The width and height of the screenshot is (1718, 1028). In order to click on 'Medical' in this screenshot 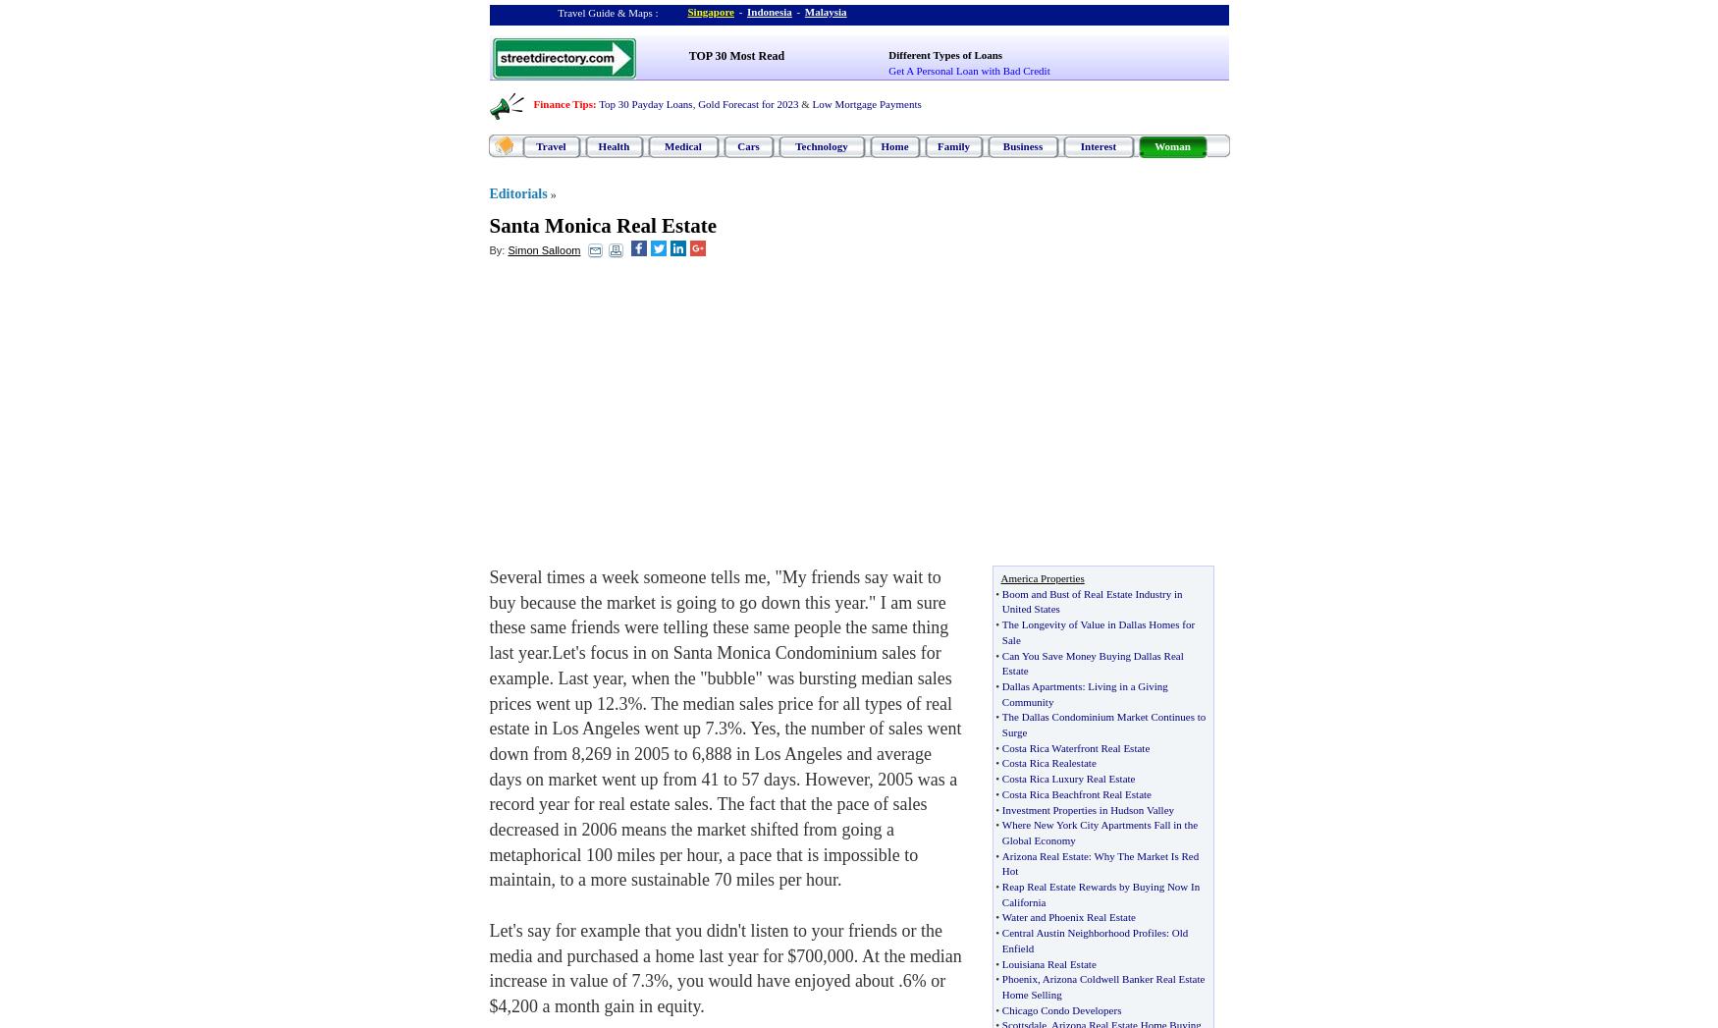, I will do `click(682, 145)`.